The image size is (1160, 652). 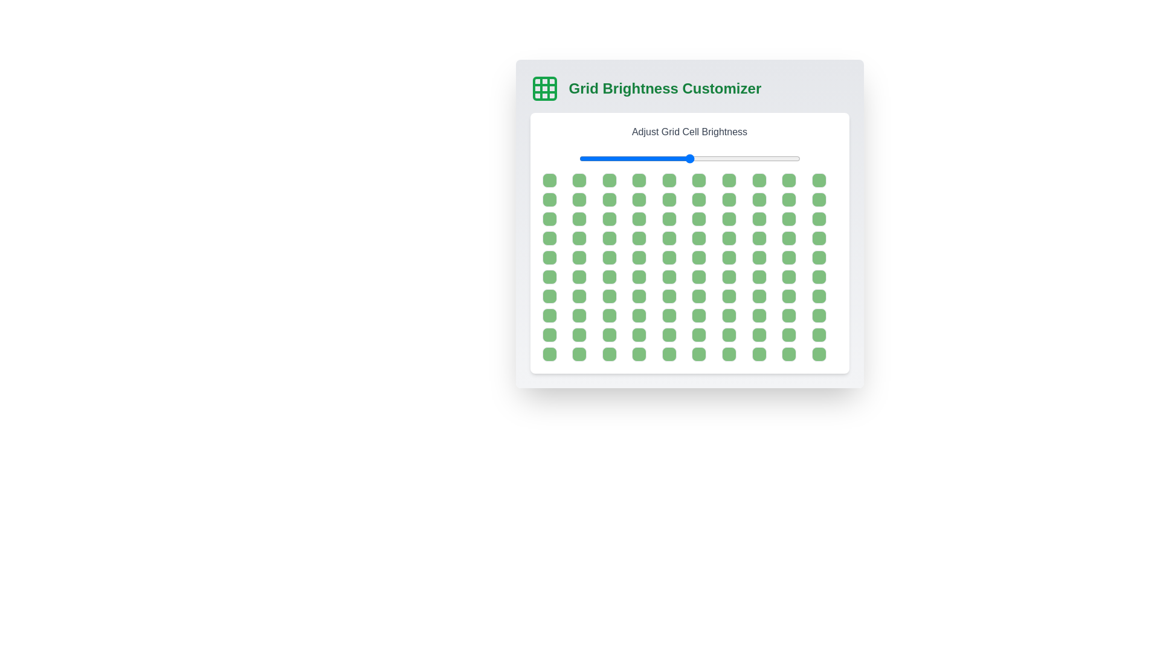 What do you see at coordinates (744, 158) in the screenshot?
I see `the brightness slider to 75%` at bounding box center [744, 158].